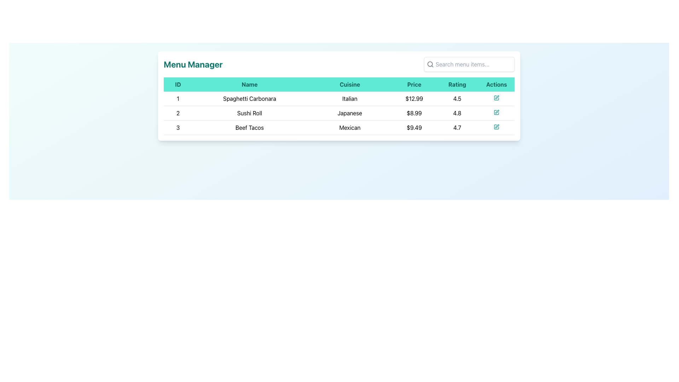 The width and height of the screenshot is (679, 382). I want to click on the text of the 'Spaghetti Carbonara' label located in the second cell of the 'Name' column in the 'Menu Manager' section, so click(249, 99).